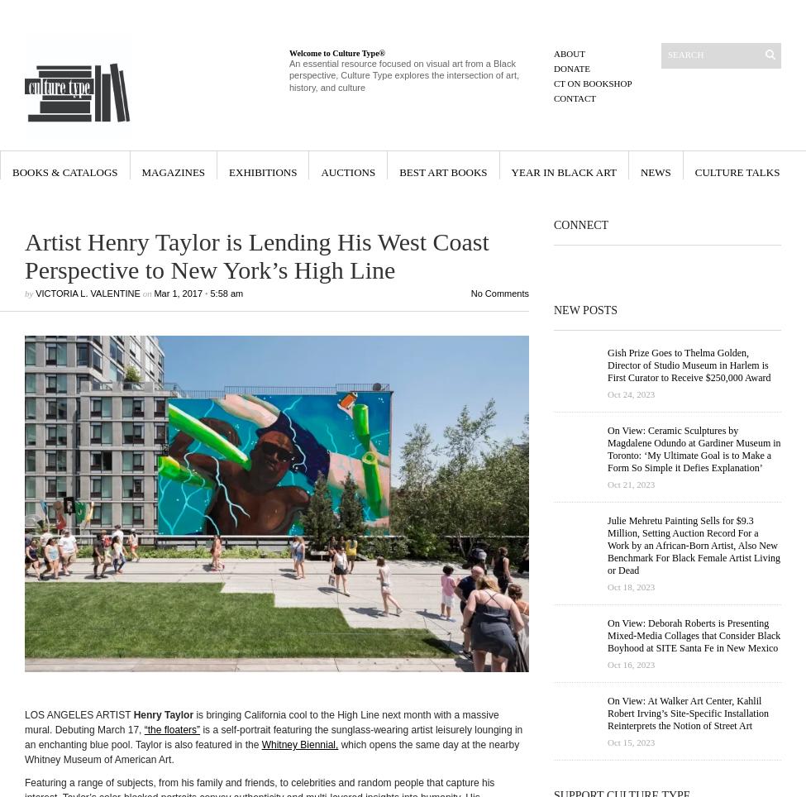 Image resolution: width=806 pixels, height=797 pixels. Describe the element at coordinates (579, 224) in the screenshot. I see `'Connect'` at that location.